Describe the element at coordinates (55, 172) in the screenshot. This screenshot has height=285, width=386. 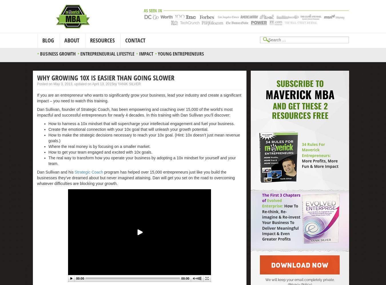
I see `'Dan Sullivan and his'` at that location.